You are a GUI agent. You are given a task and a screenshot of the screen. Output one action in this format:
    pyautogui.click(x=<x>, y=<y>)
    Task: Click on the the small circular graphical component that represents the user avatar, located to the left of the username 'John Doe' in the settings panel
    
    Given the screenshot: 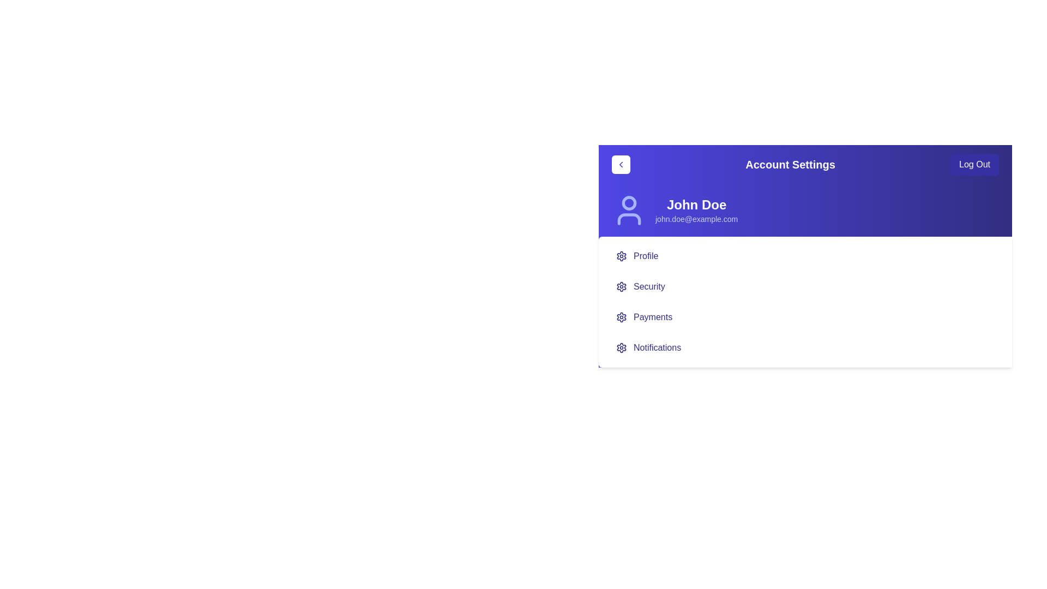 What is the action you would take?
    pyautogui.click(x=629, y=202)
    